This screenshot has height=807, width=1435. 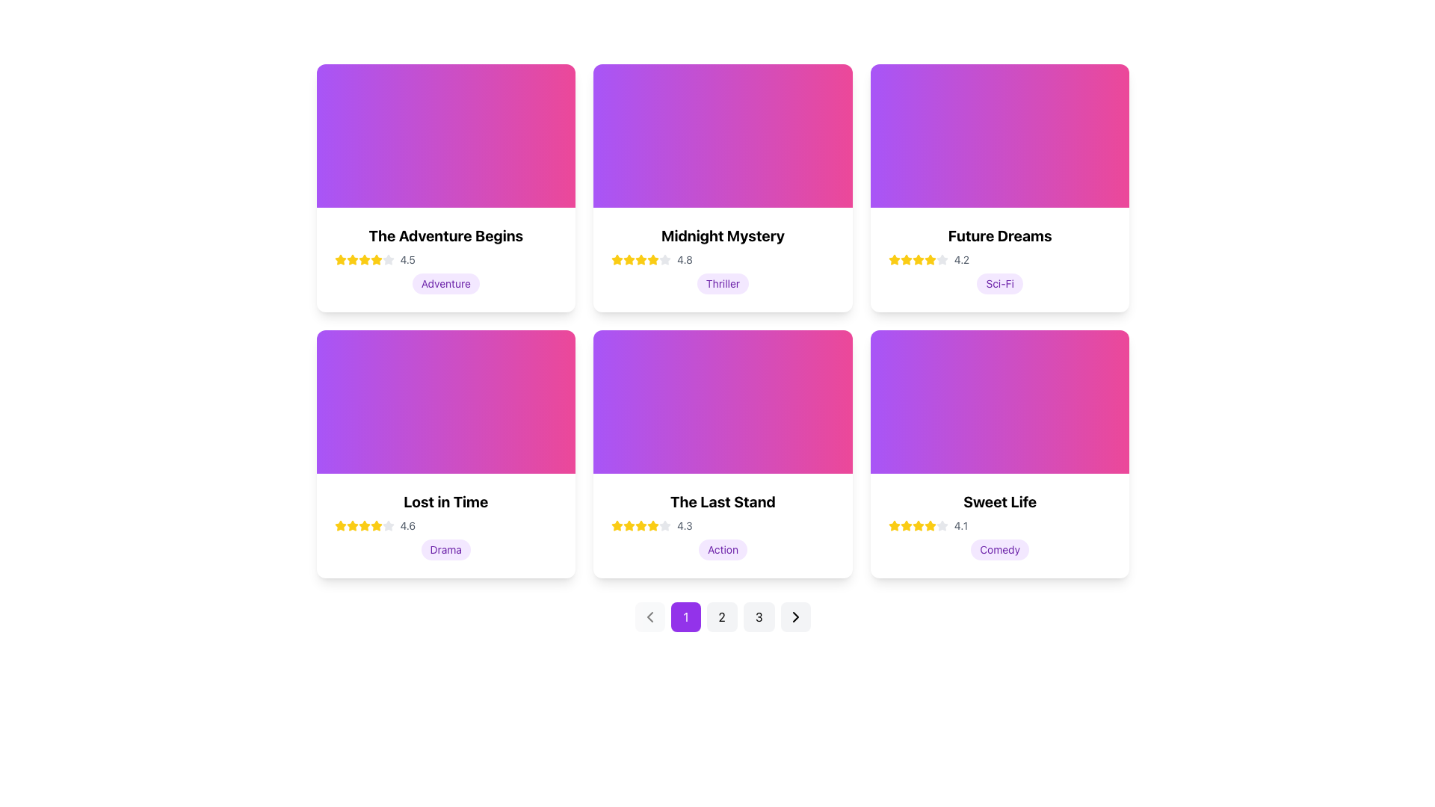 What do you see at coordinates (445, 525) in the screenshot?
I see `the card labeled 'Lost in Time'` at bounding box center [445, 525].